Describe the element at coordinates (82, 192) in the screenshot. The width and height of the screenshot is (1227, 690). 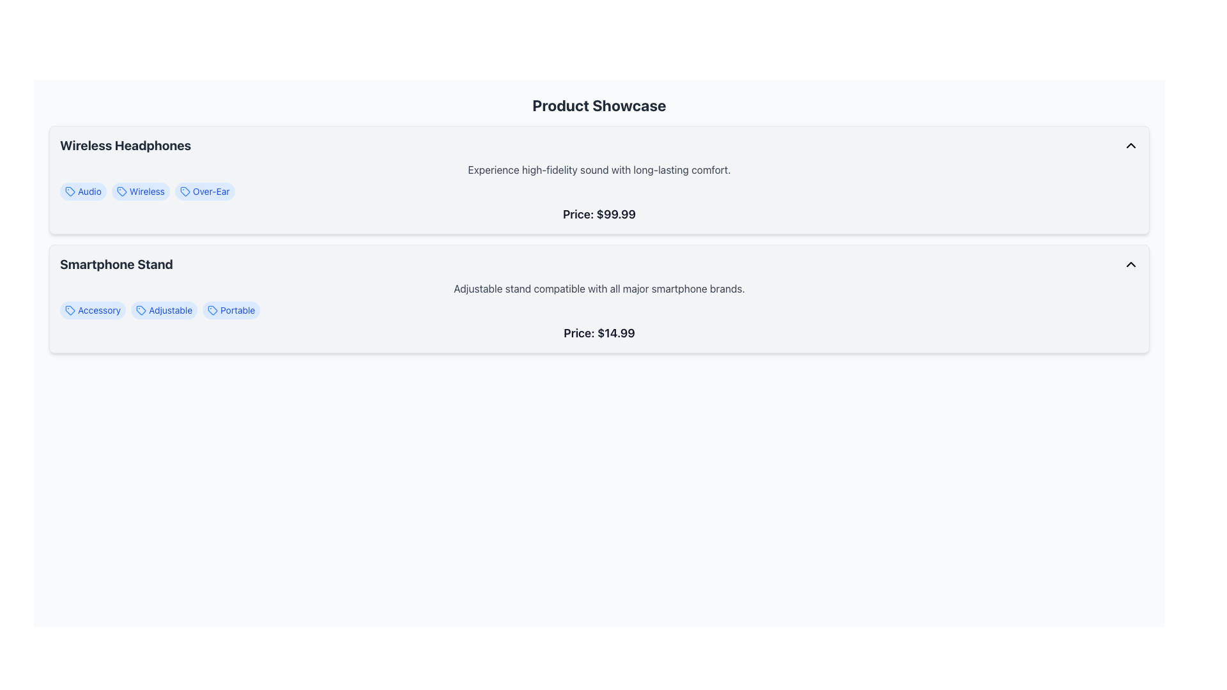
I see `the 'Audio' label or chip, which is a small badge-like component with a light blue background and a tag icon on the left, located under the 'Wireless Headphones' title` at that location.